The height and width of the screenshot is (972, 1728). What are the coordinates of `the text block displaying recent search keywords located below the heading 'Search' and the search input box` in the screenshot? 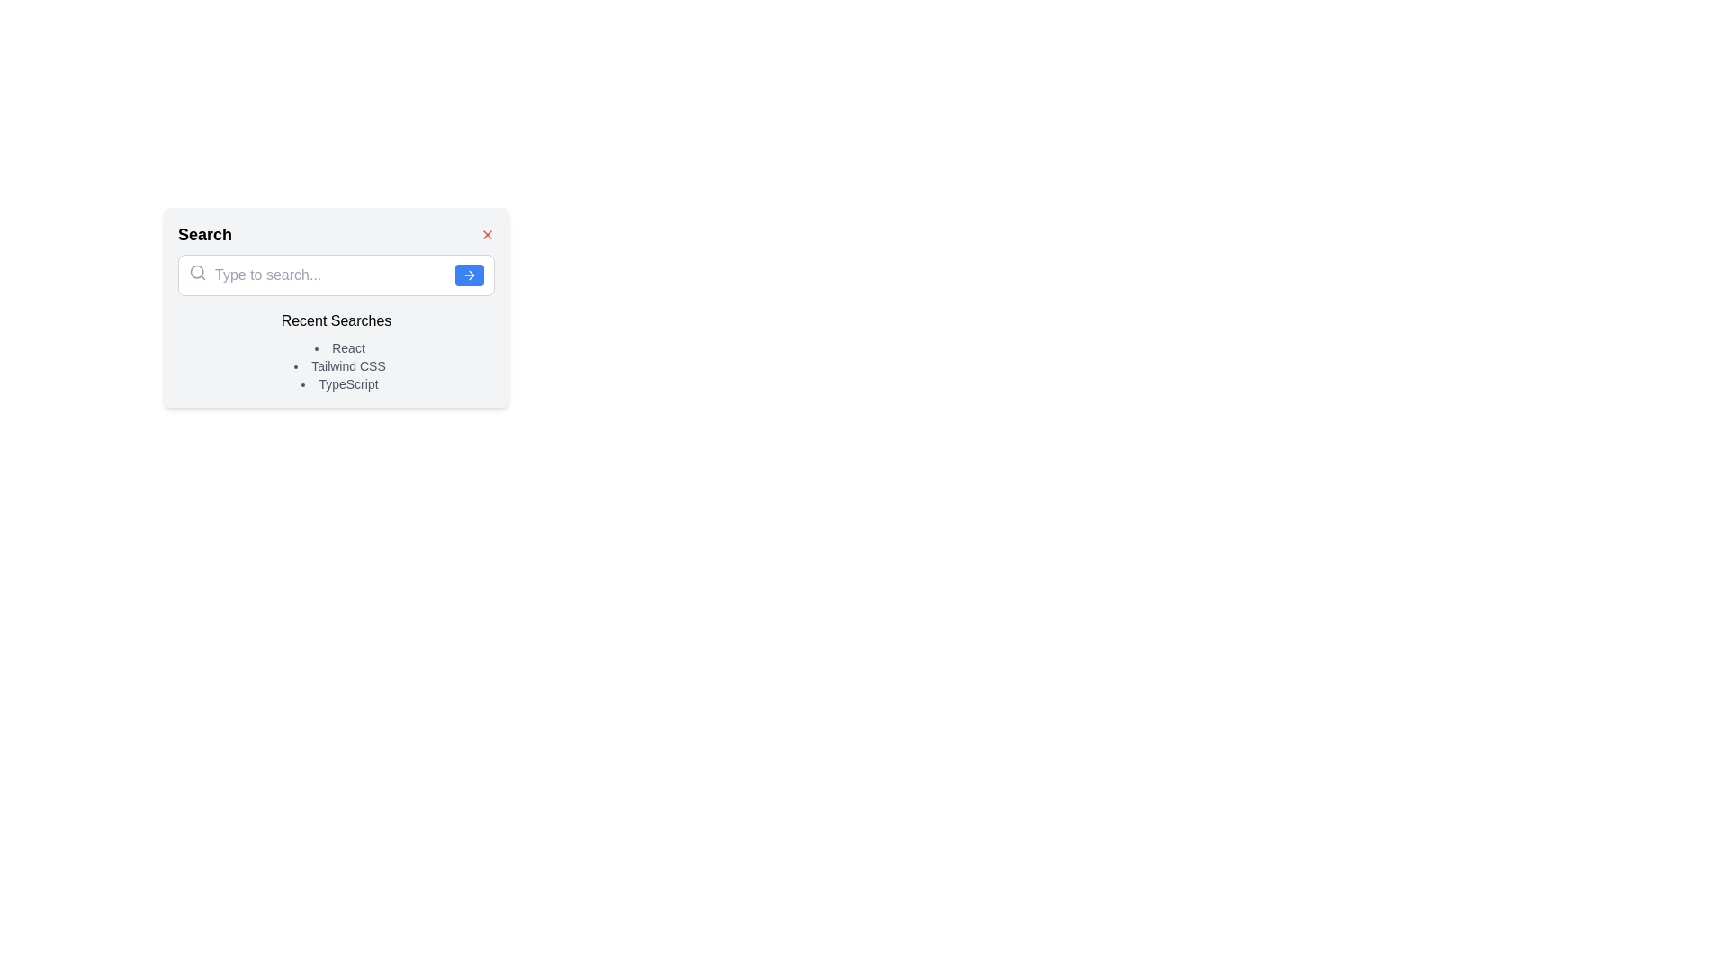 It's located at (337, 351).